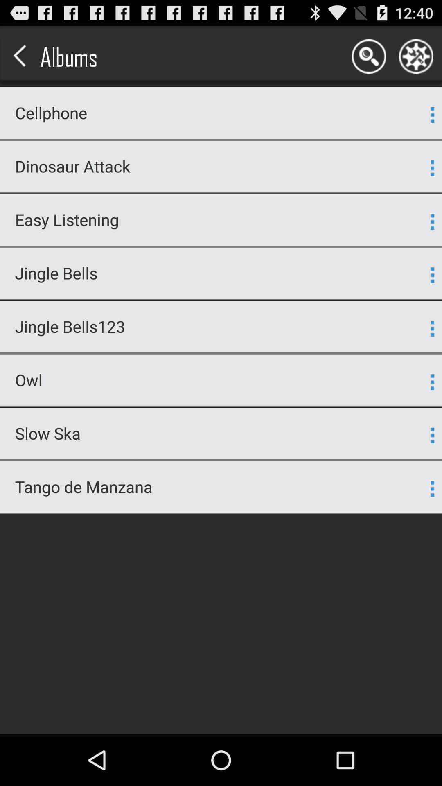 The width and height of the screenshot is (442, 786). I want to click on the slow ska, so click(216, 433).